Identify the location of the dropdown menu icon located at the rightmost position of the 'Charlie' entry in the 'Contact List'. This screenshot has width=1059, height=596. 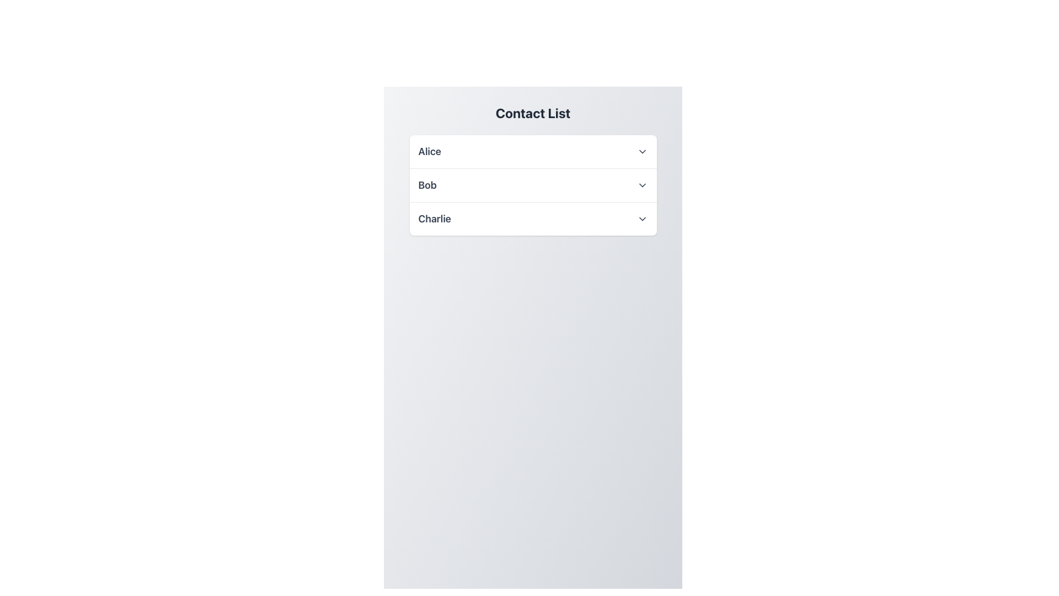
(642, 219).